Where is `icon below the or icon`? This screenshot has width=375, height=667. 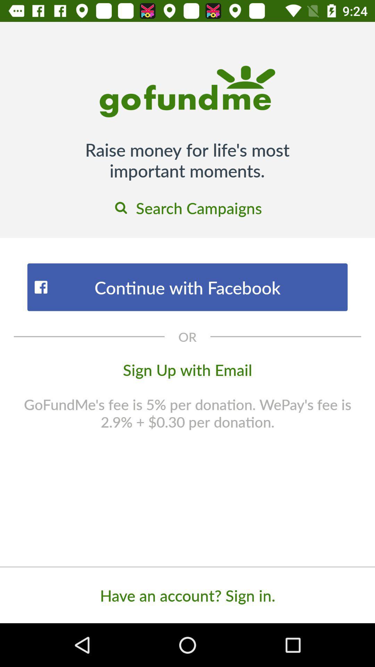 icon below the or icon is located at coordinates (187, 369).